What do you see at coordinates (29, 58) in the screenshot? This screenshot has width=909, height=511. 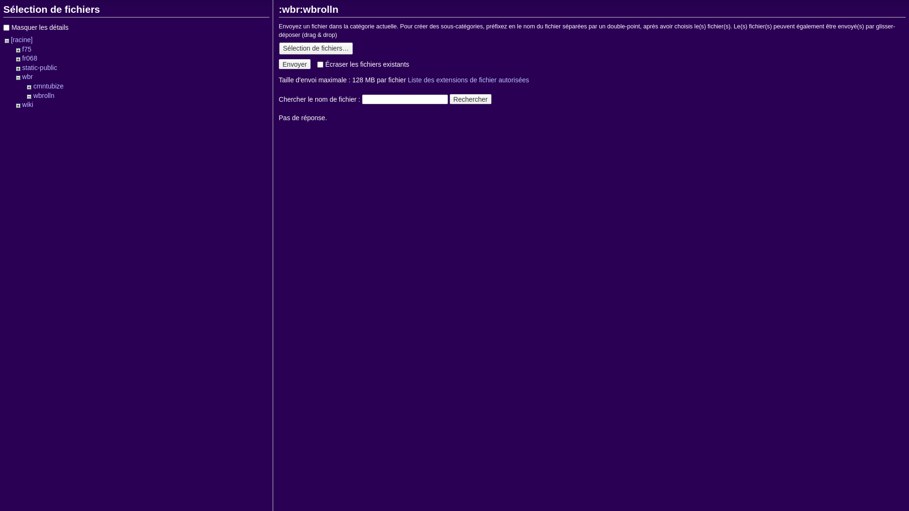 I see `'fr068'` at bounding box center [29, 58].